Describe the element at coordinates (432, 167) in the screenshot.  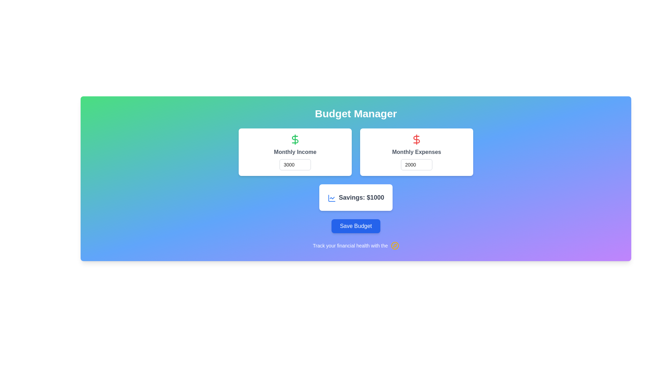
I see `the downward-pointing button in the 'Monthly Expenses' section` at that location.